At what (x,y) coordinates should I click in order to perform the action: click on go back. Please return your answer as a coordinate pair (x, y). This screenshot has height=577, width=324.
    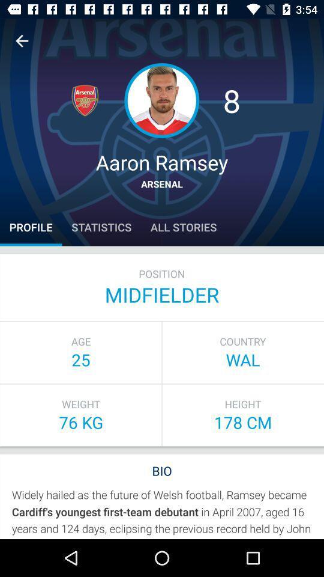
    Looking at the image, I should click on (22, 41).